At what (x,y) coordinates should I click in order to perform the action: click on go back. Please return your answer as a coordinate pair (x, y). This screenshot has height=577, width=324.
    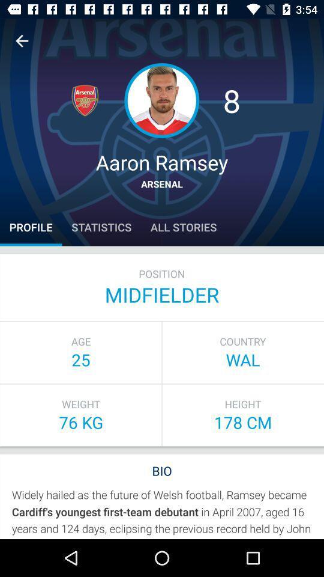
    Looking at the image, I should click on (22, 41).